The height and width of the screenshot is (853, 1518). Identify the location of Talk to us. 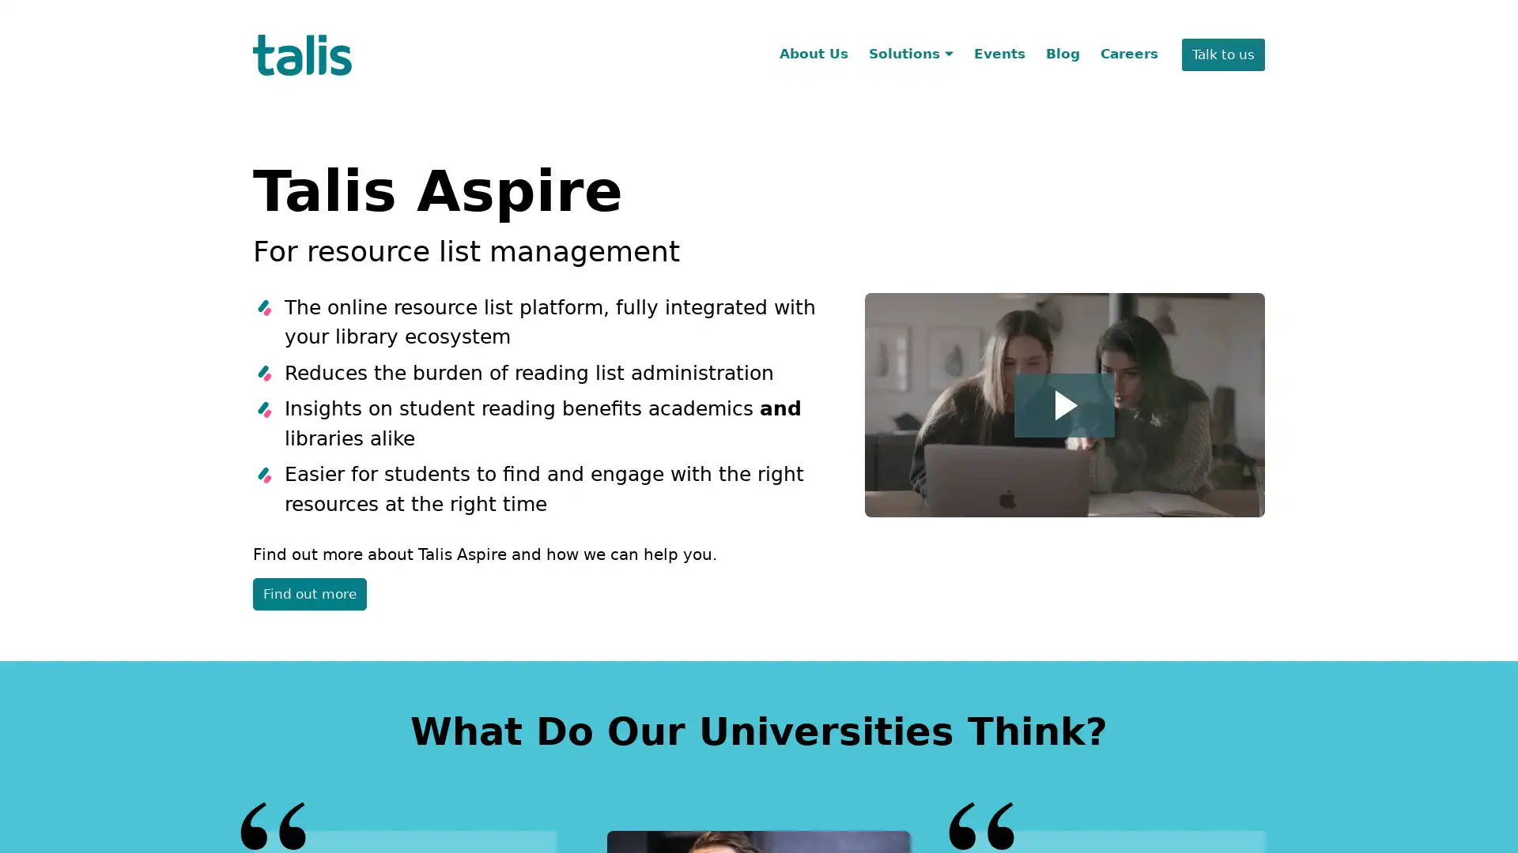
(1222, 54).